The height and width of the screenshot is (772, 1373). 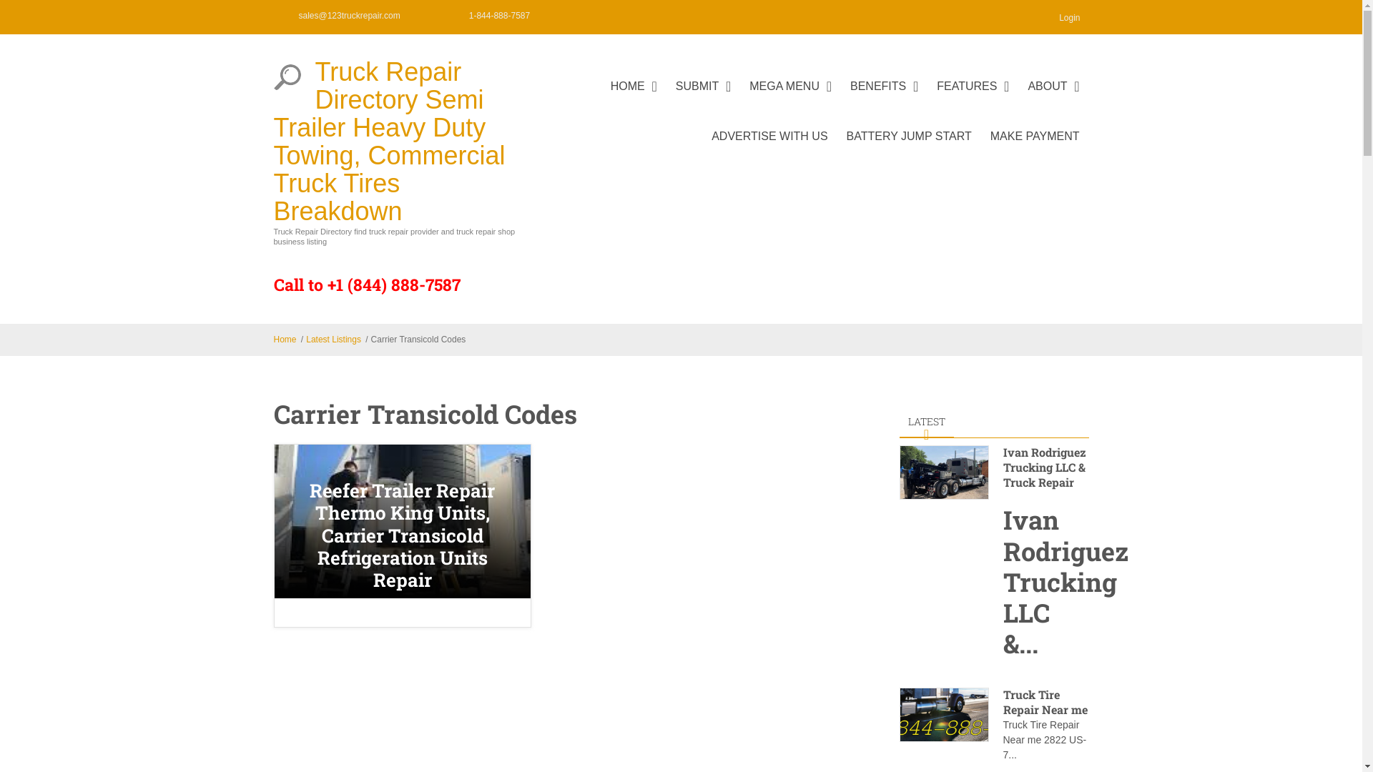 I want to click on 'FEATURES', so click(x=973, y=97).